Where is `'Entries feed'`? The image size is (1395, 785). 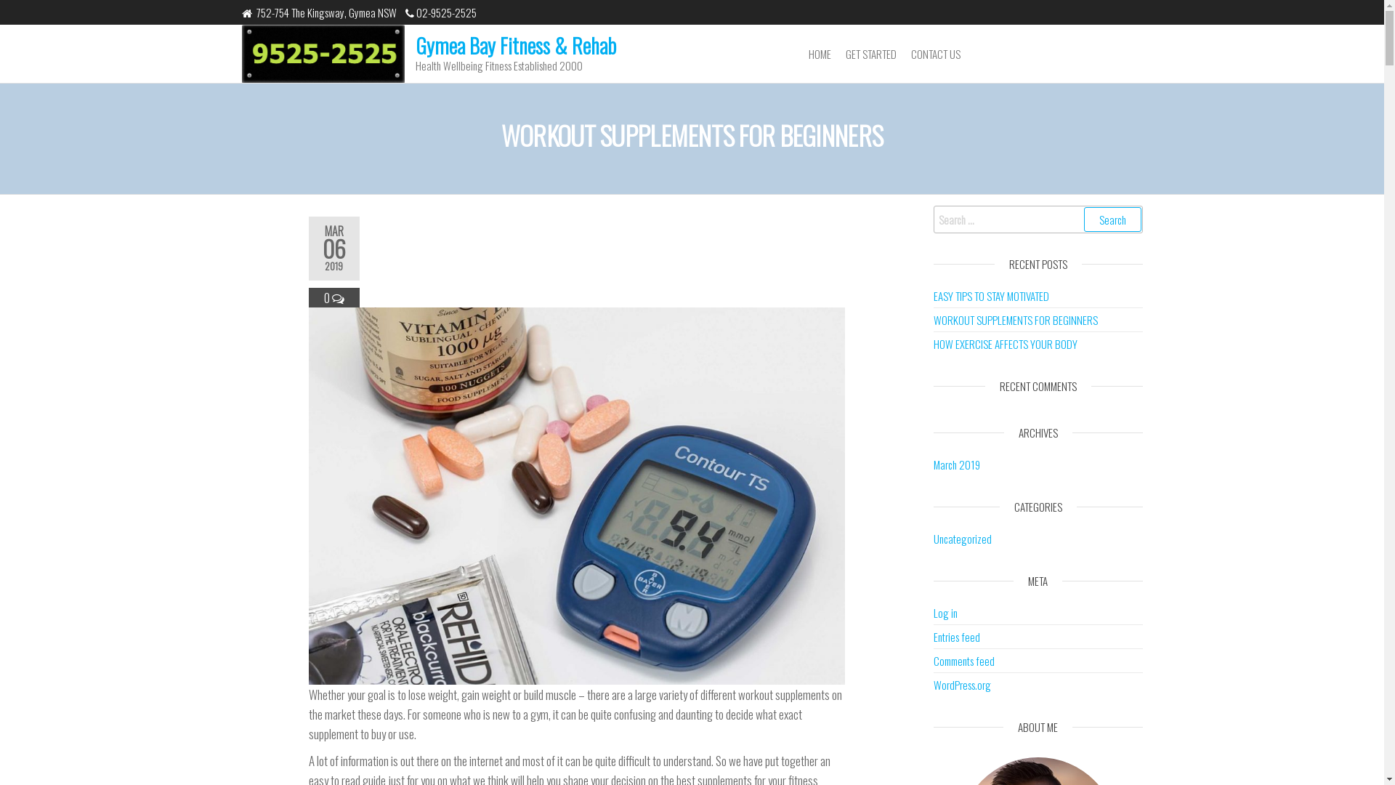 'Entries feed' is located at coordinates (956, 635).